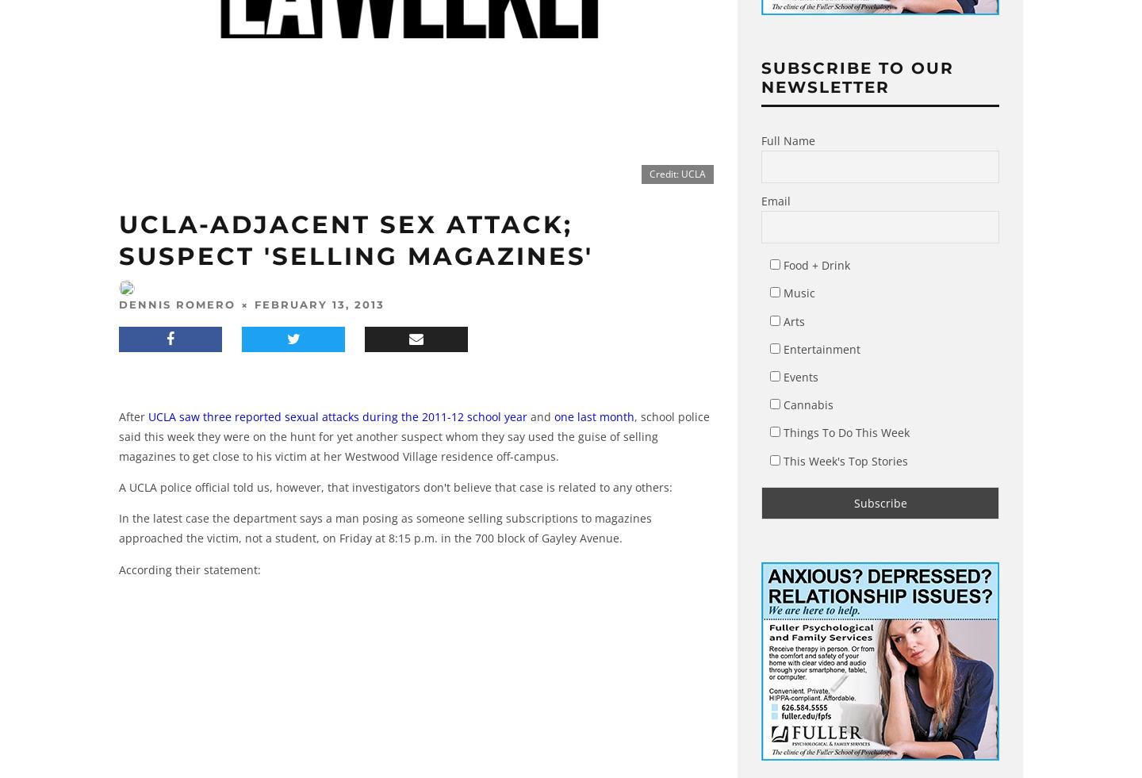  Describe the element at coordinates (337, 416) in the screenshot. I see `'UCLA saw three reported sexual attacks during the 2011-12 school year'` at that location.